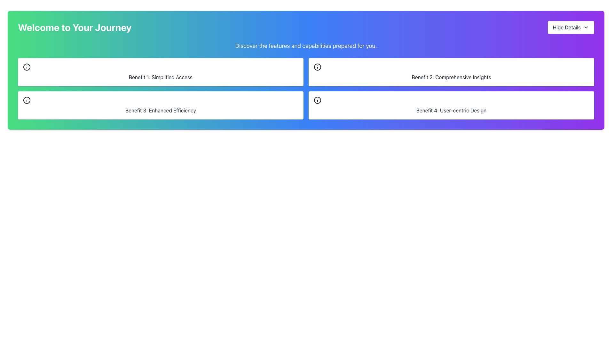 The width and height of the screenshot is (614, 345). Describe the element at coordinates (161, 77) in the screenshot. I see `text from the label displaying 'Benefit 1: Simplified Access', which is styled with a black font on a white background and located in the upper-left feature block of the interface` at that location.